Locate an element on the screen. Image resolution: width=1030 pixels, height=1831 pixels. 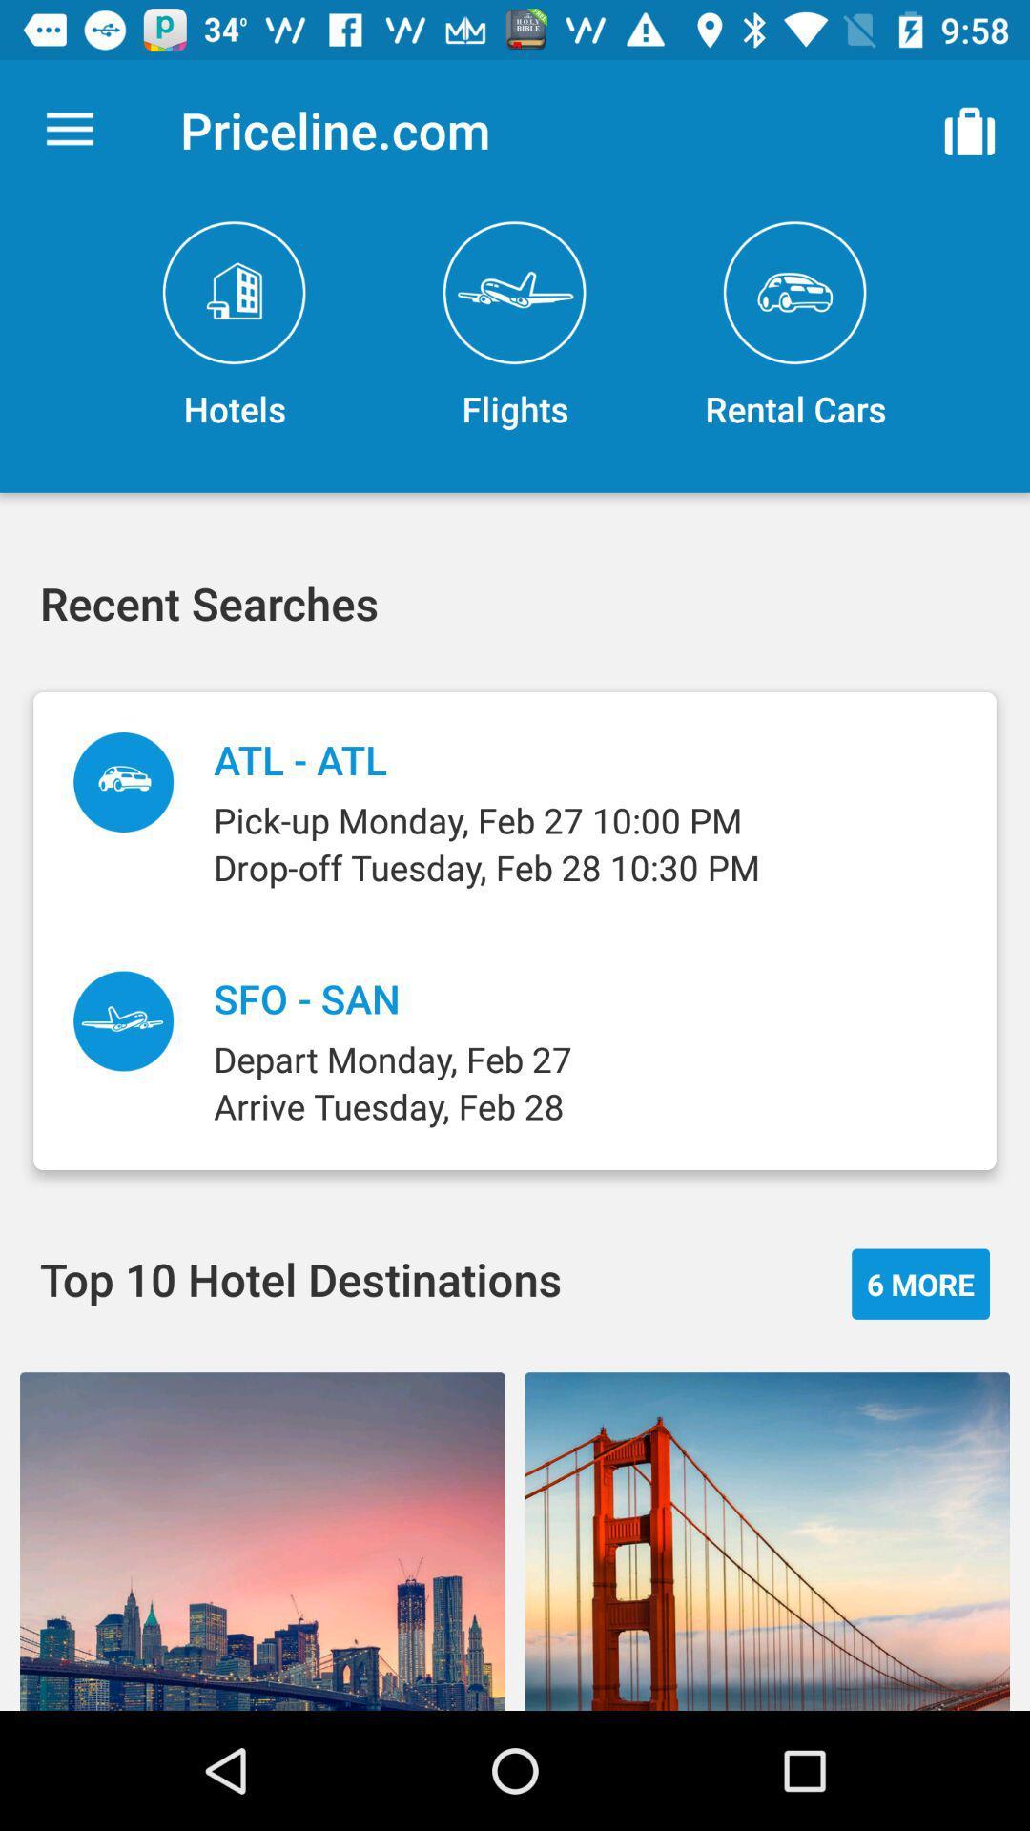
icon above the hotels icon is located at coordinates (69, 129).